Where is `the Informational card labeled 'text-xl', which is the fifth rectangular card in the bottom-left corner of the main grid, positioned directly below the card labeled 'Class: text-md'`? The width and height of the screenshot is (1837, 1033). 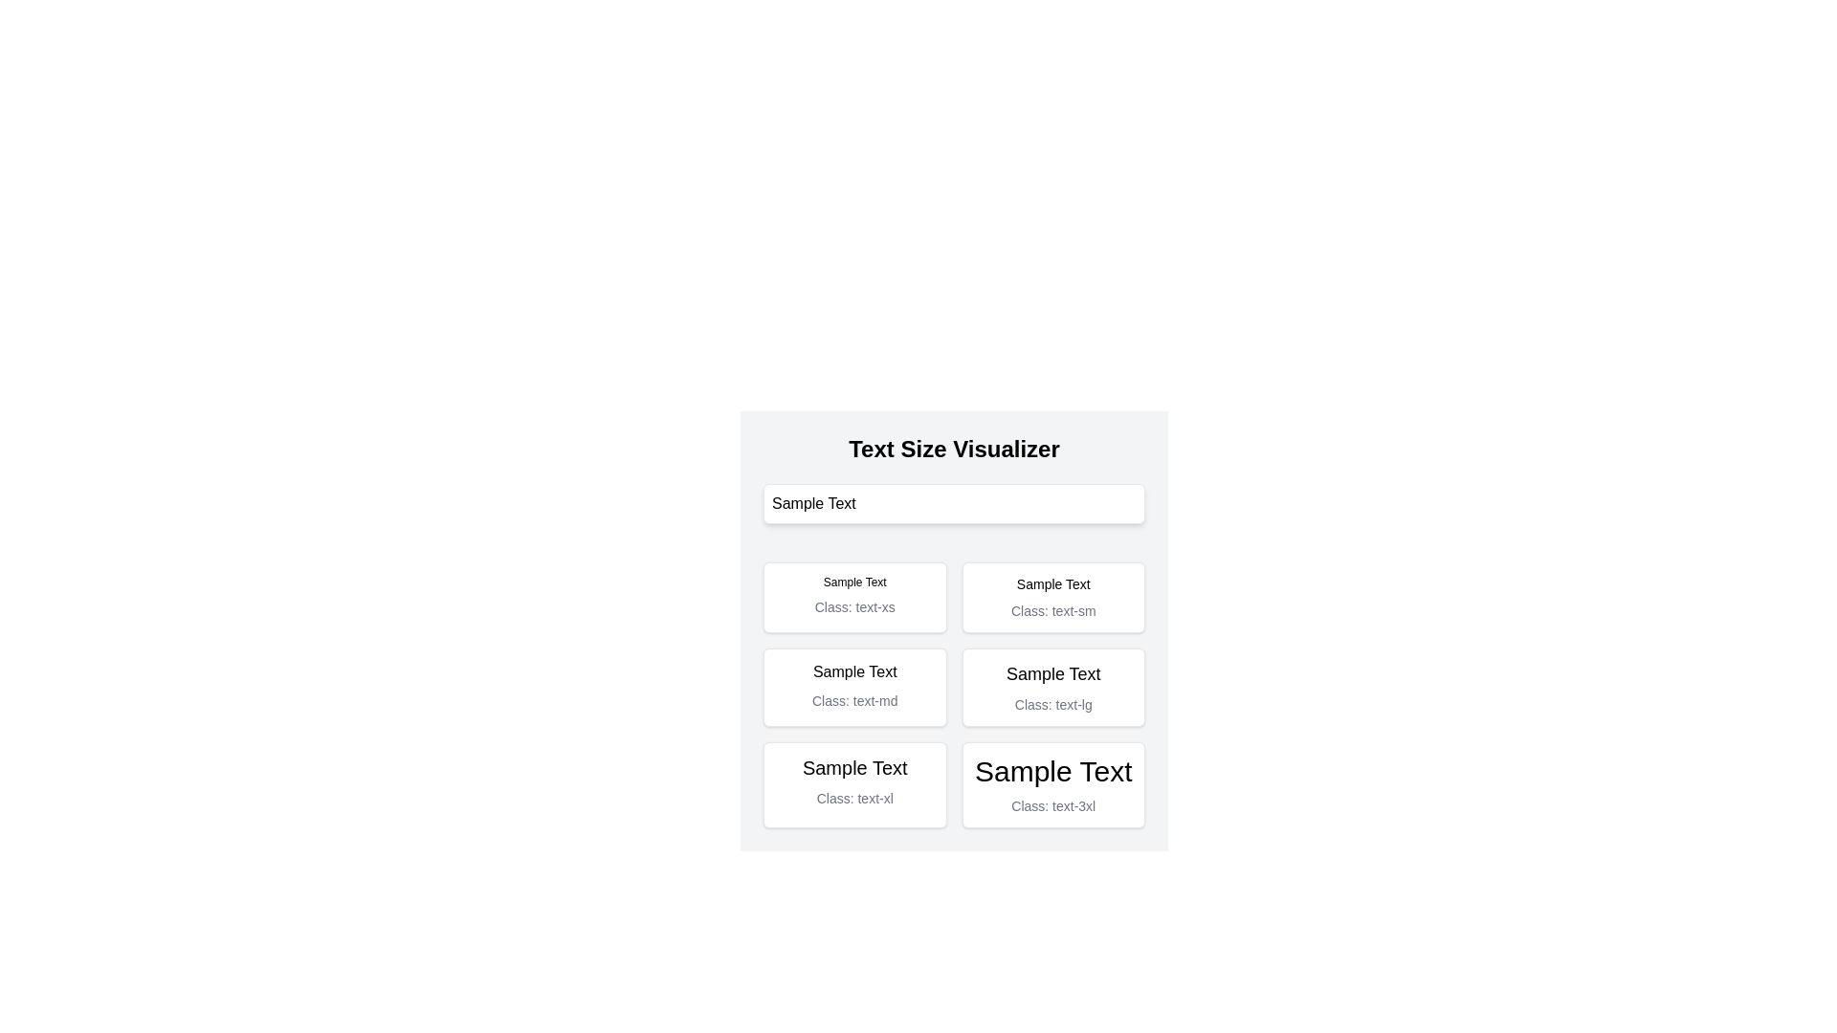
the Informational card labeled 'text-xl', which is the fifth rectangular card in the bottom-left corner of the main grid, positioned directly below the card labeled 'Class: text-md' is located at coordinates (853, 785).